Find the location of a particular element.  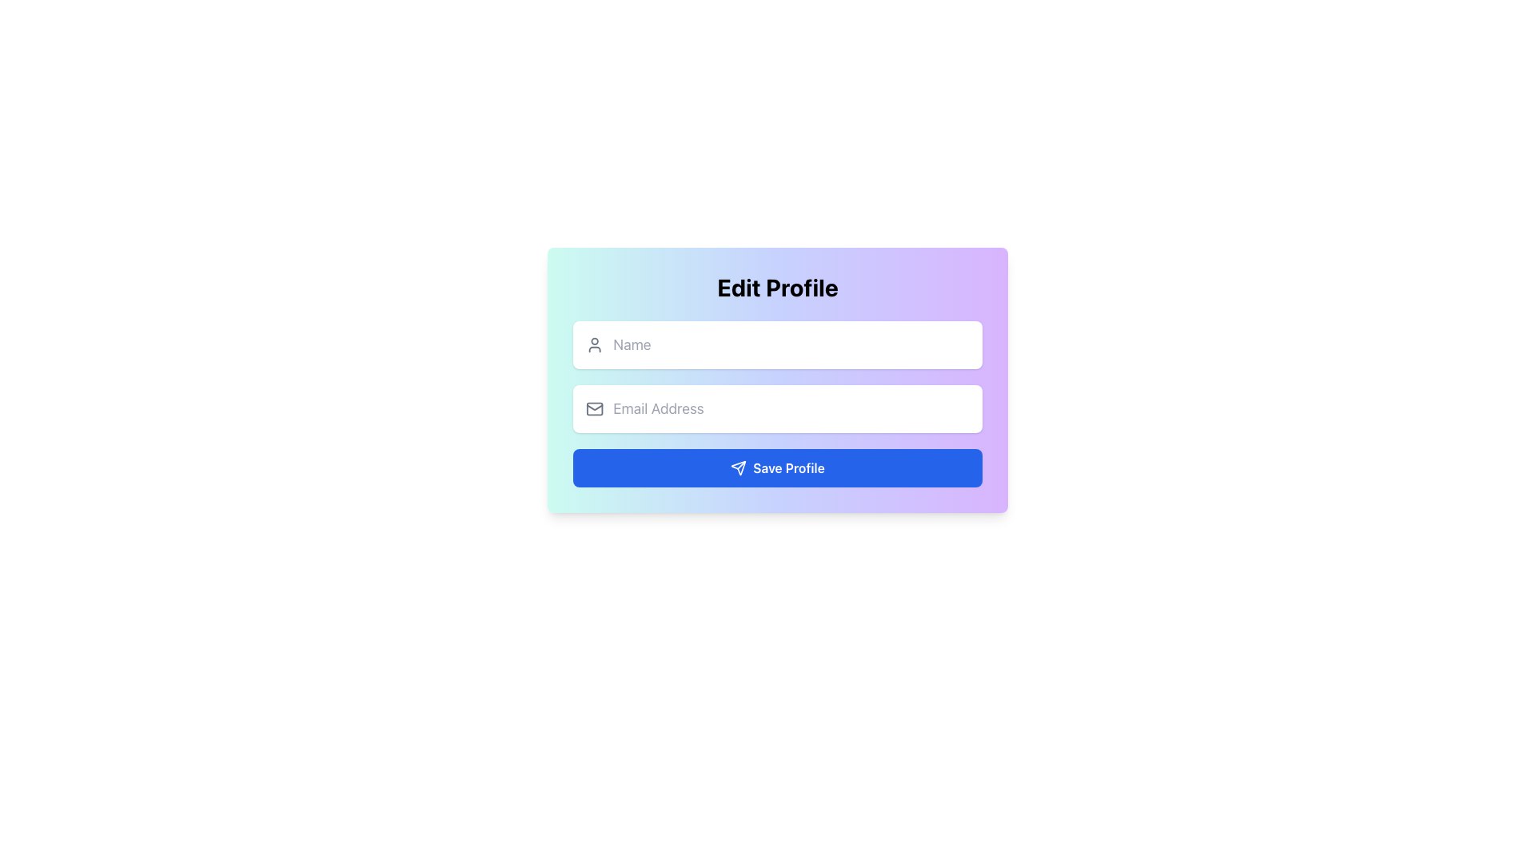

the SVG icon resembling a user silhouette, which is positioned to the left of the 'Name' text input field is located at coordinates (594, 344).